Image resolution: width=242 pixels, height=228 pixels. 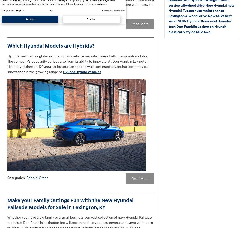 What do you see at coordinates (202, 26) in the screenshot?
I see `'Don Franklin Lexington Hyundai'` at bounding box center [202, 26].